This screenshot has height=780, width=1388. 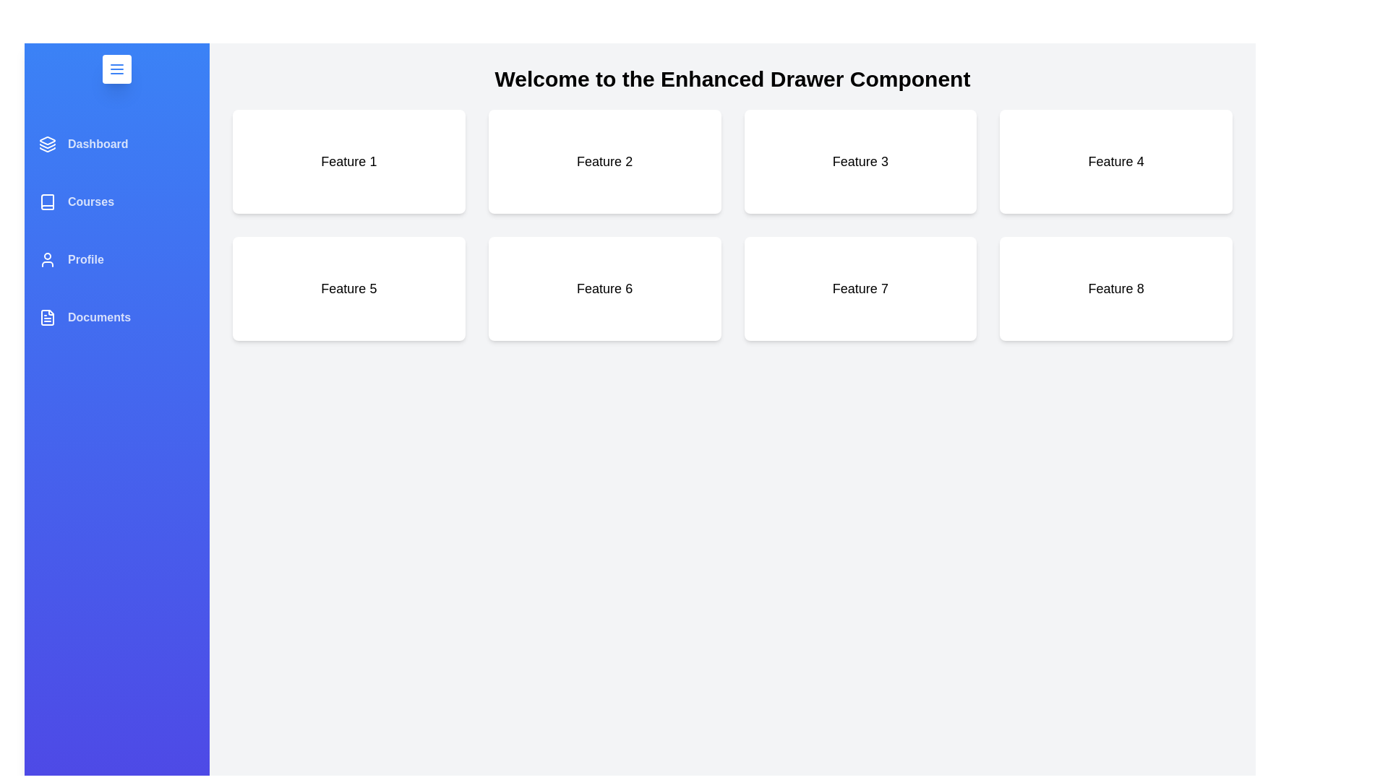 I want to click on the menu item Profile to reveal its hover effect, so click(x=117, y=259).